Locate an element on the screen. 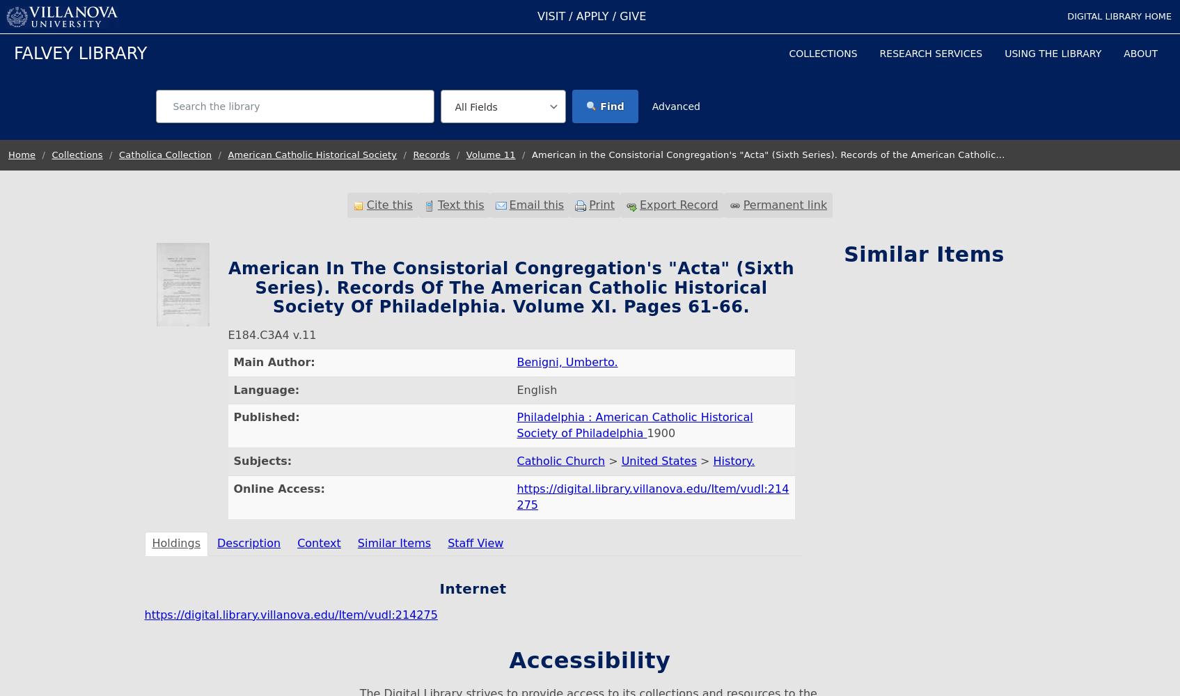  'Advanced' is located at coordinates (651, 106).